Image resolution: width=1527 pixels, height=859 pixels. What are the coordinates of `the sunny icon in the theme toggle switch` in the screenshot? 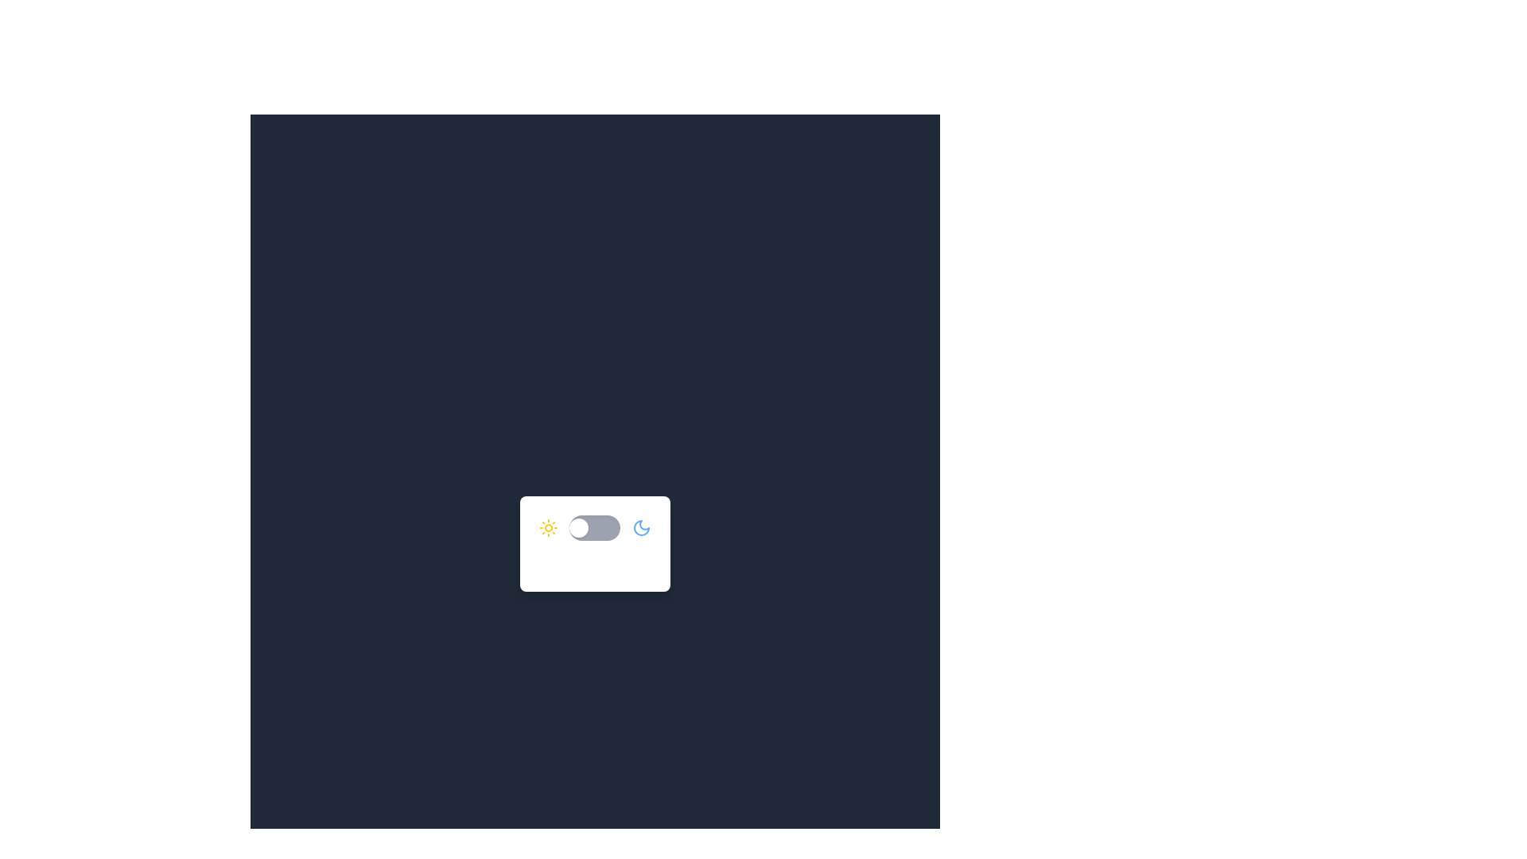 It's located at (548, 527).